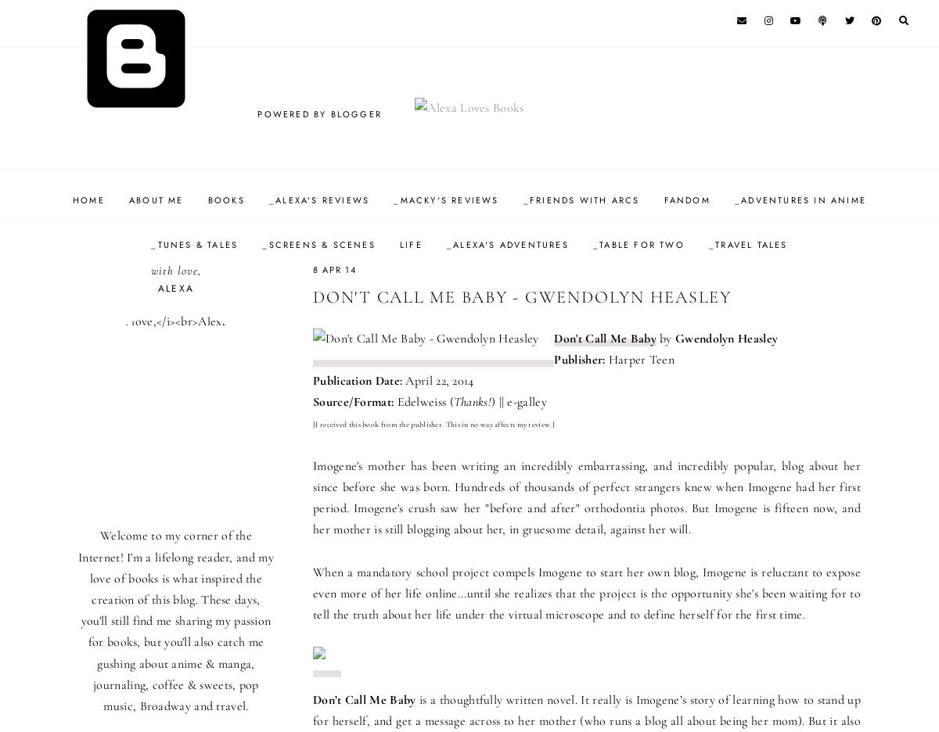  I want to click on '_Macky's Reviews', so click(393, 199).